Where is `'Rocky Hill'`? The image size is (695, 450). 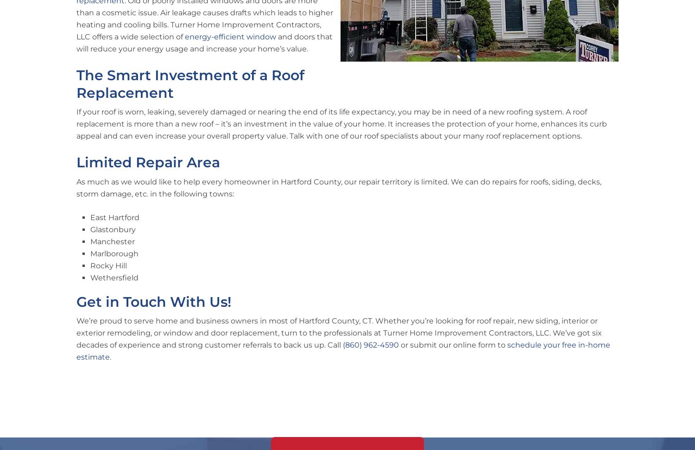
'Rocky Hill' is located at coordinates (108, 265).